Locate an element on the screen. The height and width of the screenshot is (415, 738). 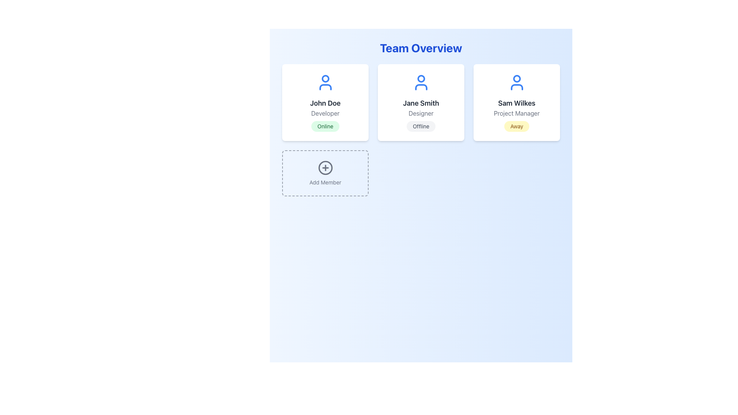
the 'Add Member' text label, which is positioned at the bottom of the dashed-bordered box, directly below the plus symbol icon is located at coordinates (325, 182).